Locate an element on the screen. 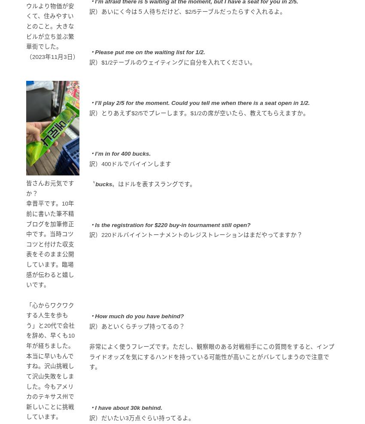 The height and width of the screenshot is (424, 365). '訳）$1/2テーブルのウェイティングに自分を入れてください。' is located at coordinates (88, 62).